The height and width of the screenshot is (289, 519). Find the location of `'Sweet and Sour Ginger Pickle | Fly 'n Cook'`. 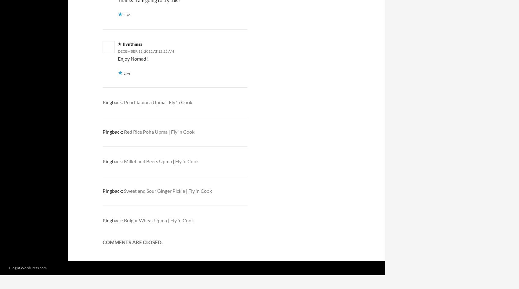

'Sweet and Sour Ginger Pickle | Fly 'n Cook' is located at coordinates (167, 190).